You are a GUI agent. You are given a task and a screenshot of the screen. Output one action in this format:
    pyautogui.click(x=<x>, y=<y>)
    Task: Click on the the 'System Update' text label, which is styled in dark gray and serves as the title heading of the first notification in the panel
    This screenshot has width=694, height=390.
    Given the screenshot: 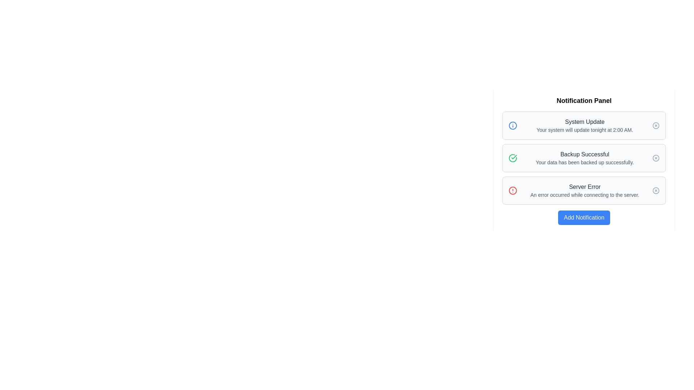 What is the action you would take?
    pyautogui.click(x=584, y=122)
    